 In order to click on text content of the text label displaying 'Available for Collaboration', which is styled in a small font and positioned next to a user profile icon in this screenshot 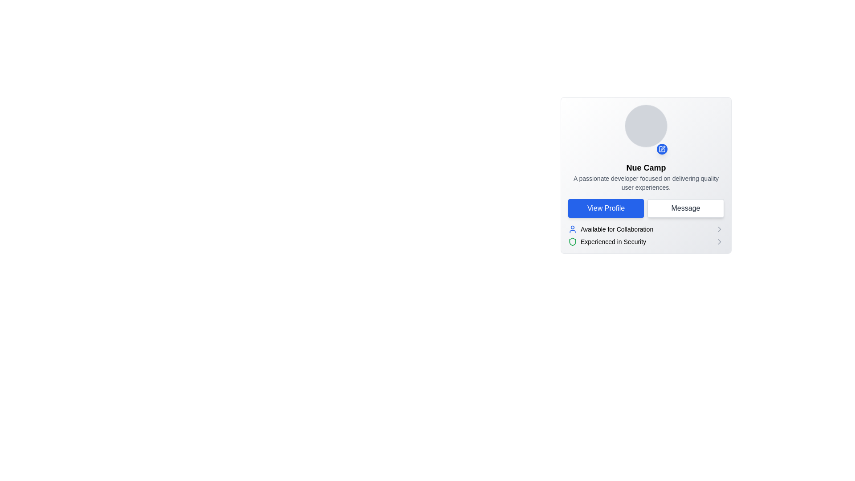, I will do `click(616, 229)`.